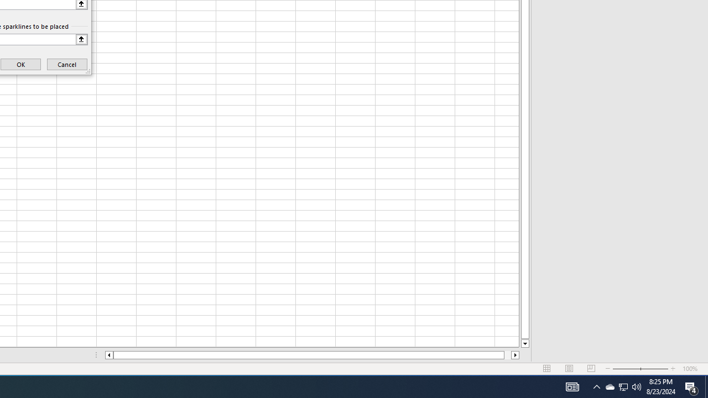 Image resolution: width=708 pixels, height=398 pixels. What do you see at coordinates (546, 369) in the screenshot?
I see `'Normal'` at bounding box center [546, 369].